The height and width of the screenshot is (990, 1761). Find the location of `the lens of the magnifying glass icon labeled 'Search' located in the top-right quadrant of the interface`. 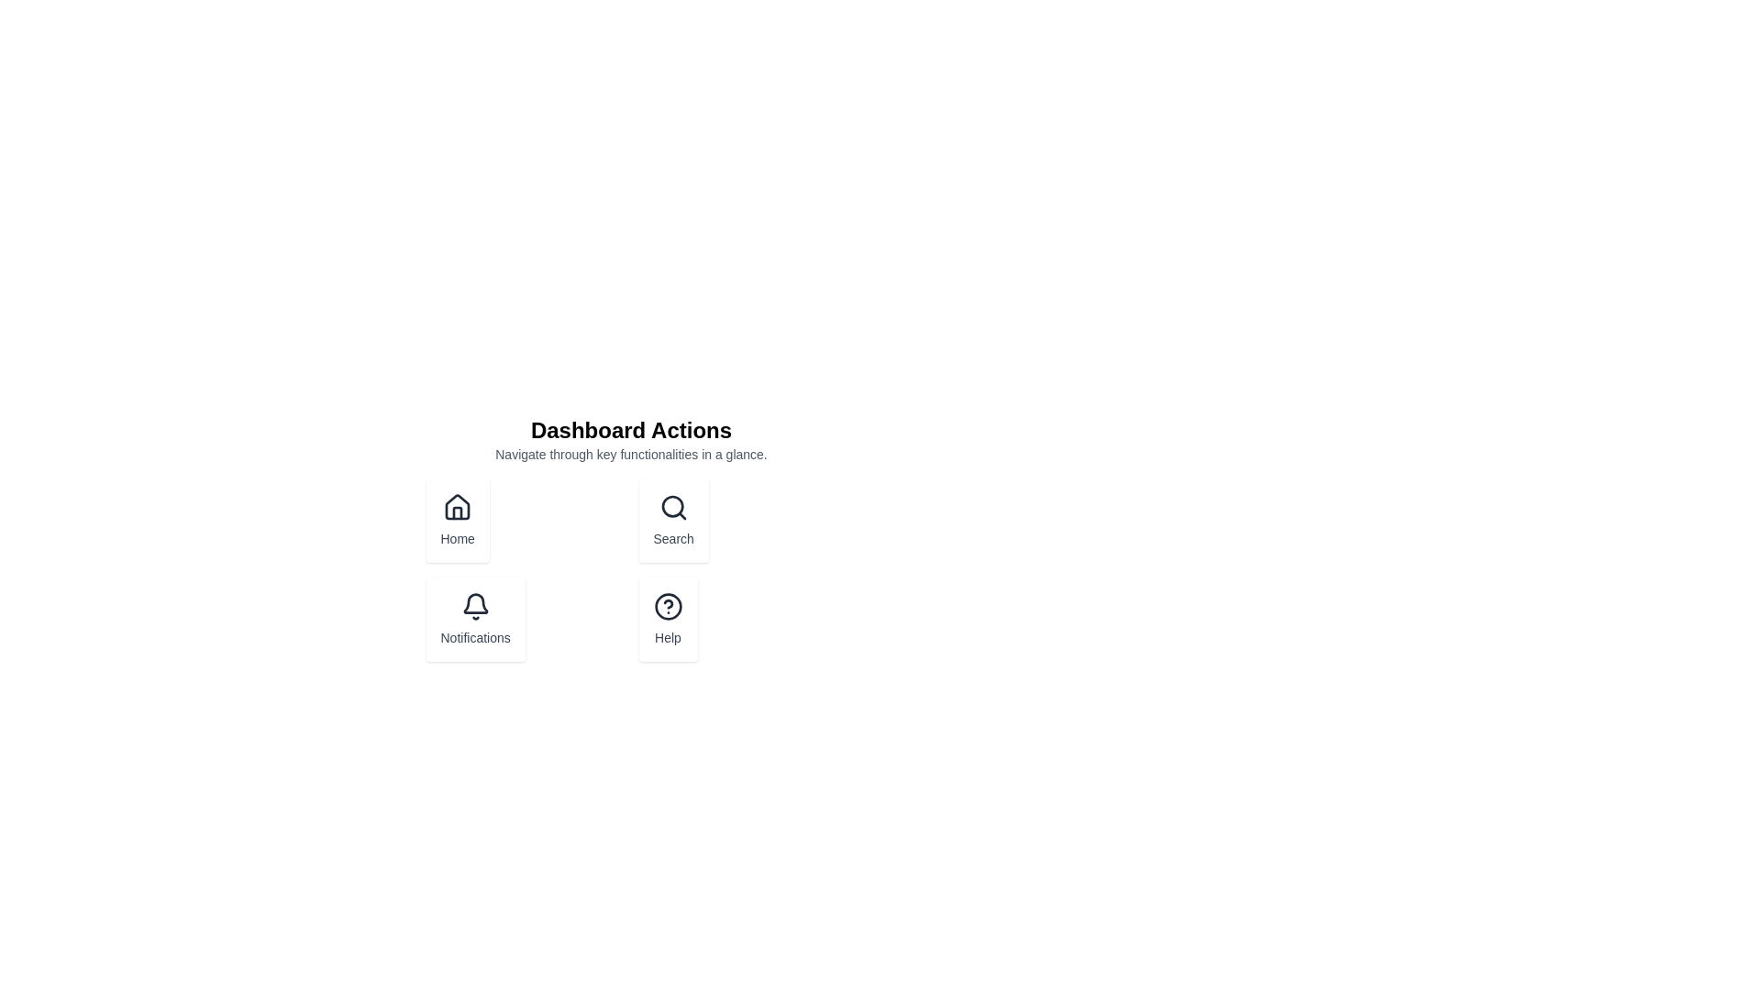

the lens of the magnifying glass icon labeled 'Search' located in the top-right quadrant of the interface is located at coordinates (671, 506).